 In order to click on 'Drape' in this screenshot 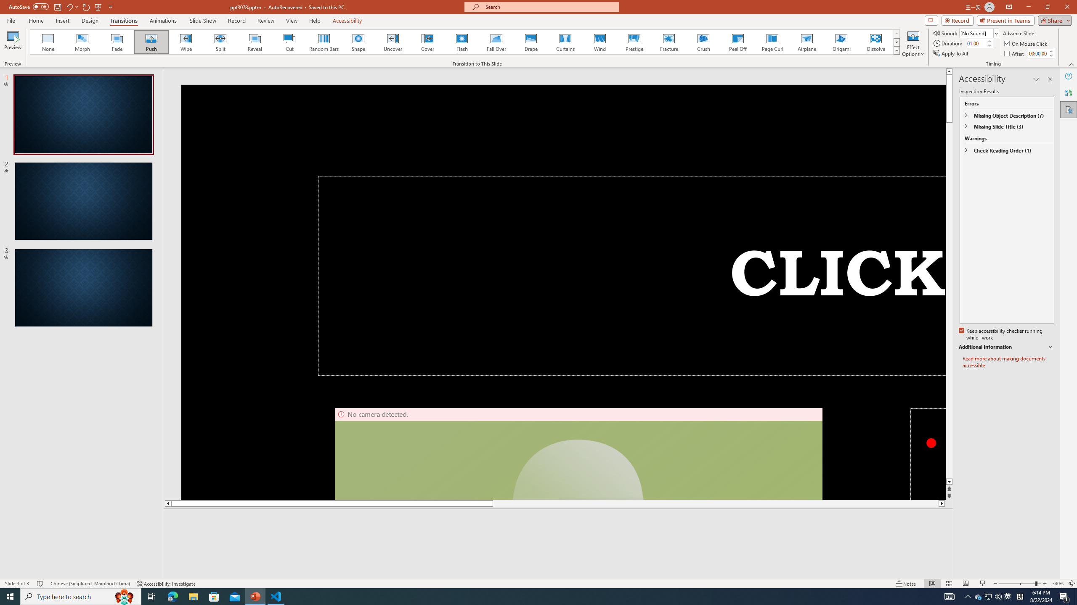, I will do `click(531, 42)`.